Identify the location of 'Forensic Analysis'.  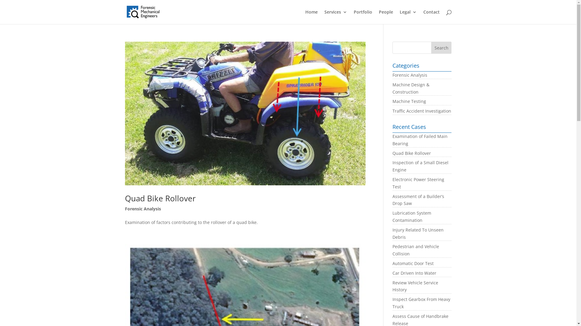
(410, 75).